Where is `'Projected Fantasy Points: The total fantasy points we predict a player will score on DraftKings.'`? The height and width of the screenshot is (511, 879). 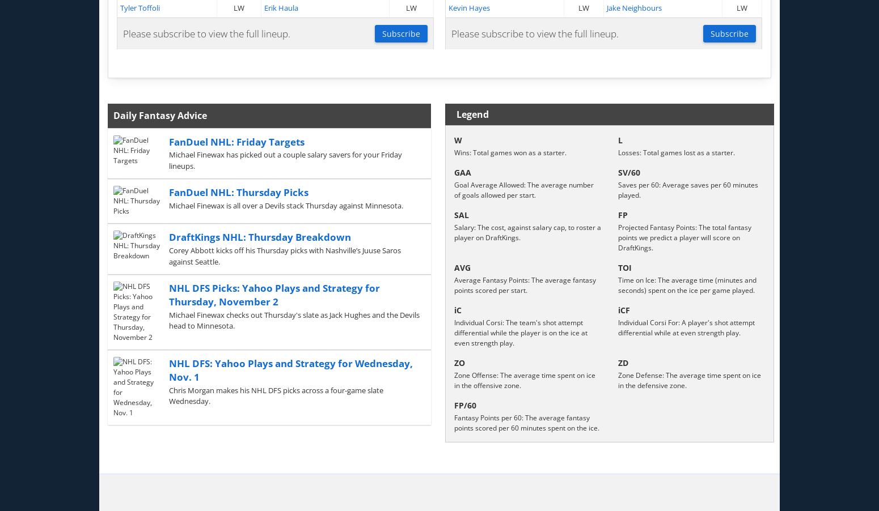 'Projected Fantasy Points: The total fantasy points we predict a player will score on DraftKings.' is located at coordinates (684, 237).